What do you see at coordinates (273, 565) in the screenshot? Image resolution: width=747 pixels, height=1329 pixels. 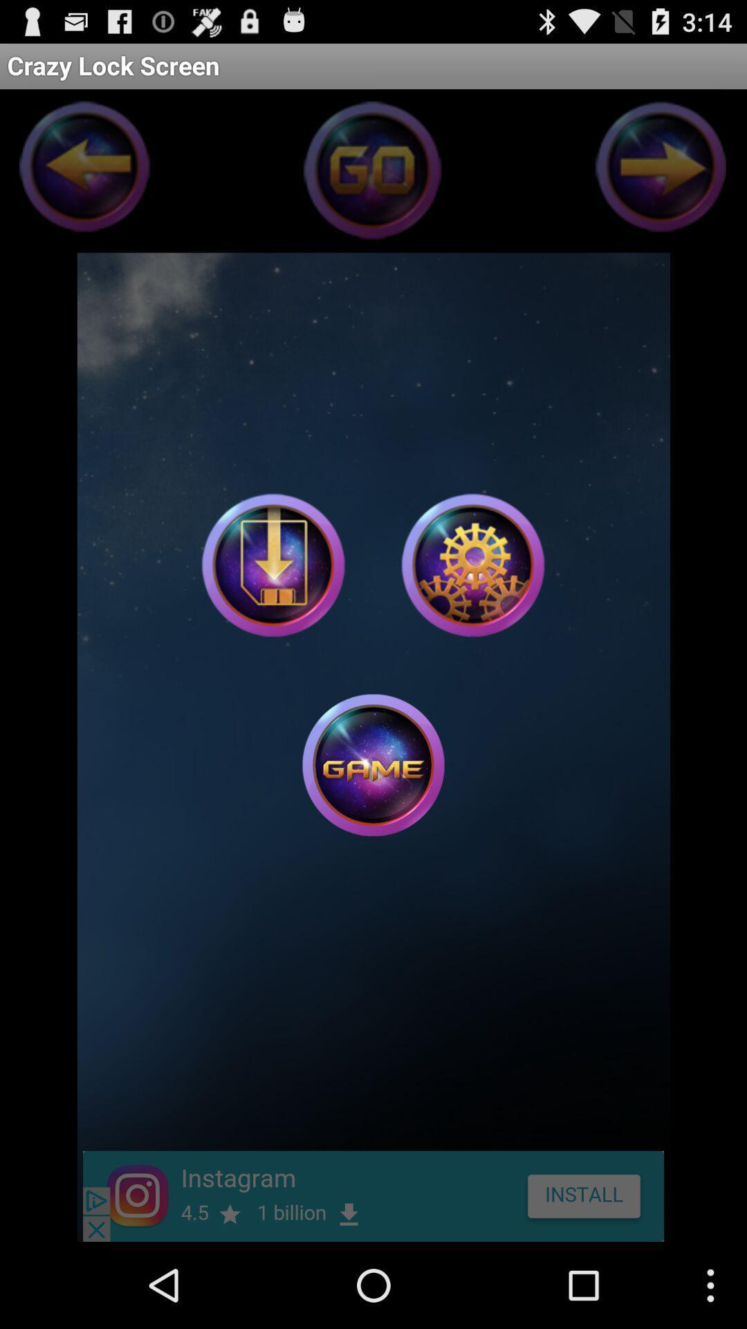 I see `game` at bounding box center [273, 565].